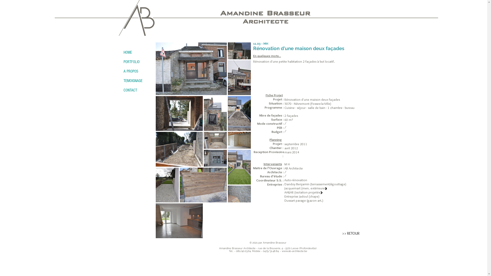  I want to click on '>> RETOUR', so click(351, 233).